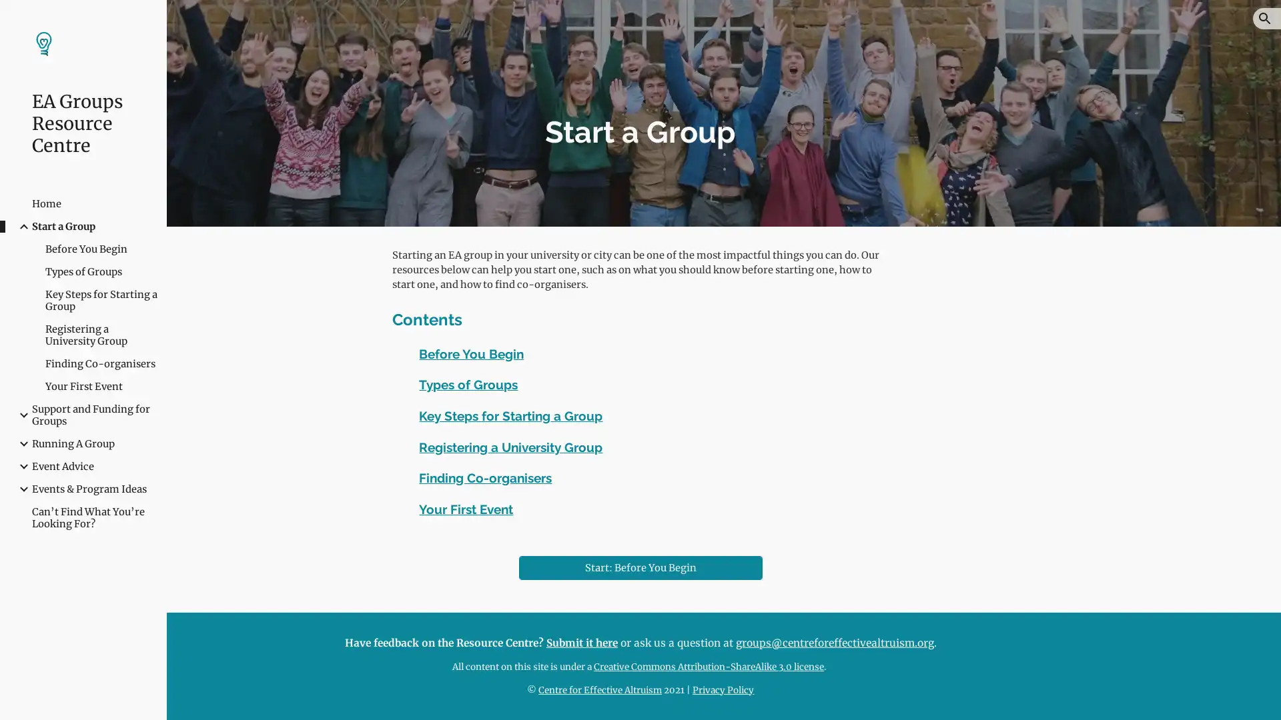  Describe the element at coordinates (560, 319) in the screenshot. I see `Copy heading link` at that location.